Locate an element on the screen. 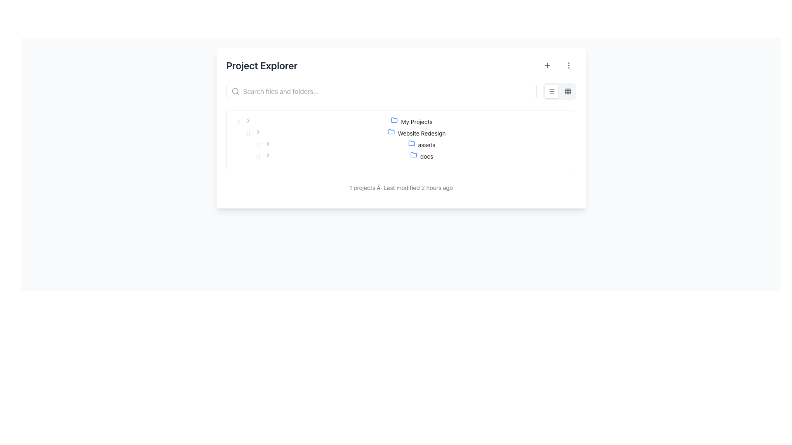  the static text label reading 'Project Explorer', which is styled with a large bold font and dark gray color, located in the top-left corner of the explorer section is located at coordinates (261, 65).